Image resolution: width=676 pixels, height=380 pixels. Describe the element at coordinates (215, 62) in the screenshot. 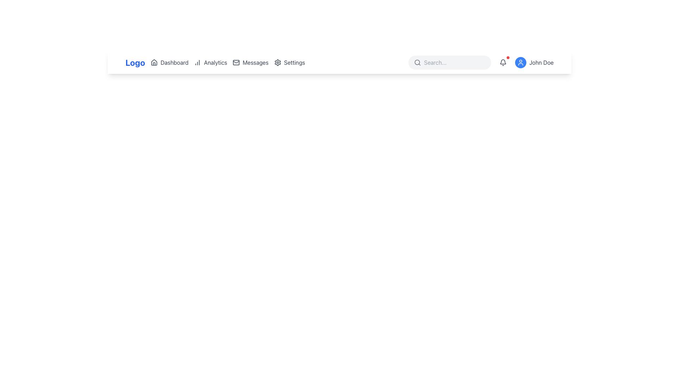

I see `the 'Analytics' text label located in the navigation bar` at that location.